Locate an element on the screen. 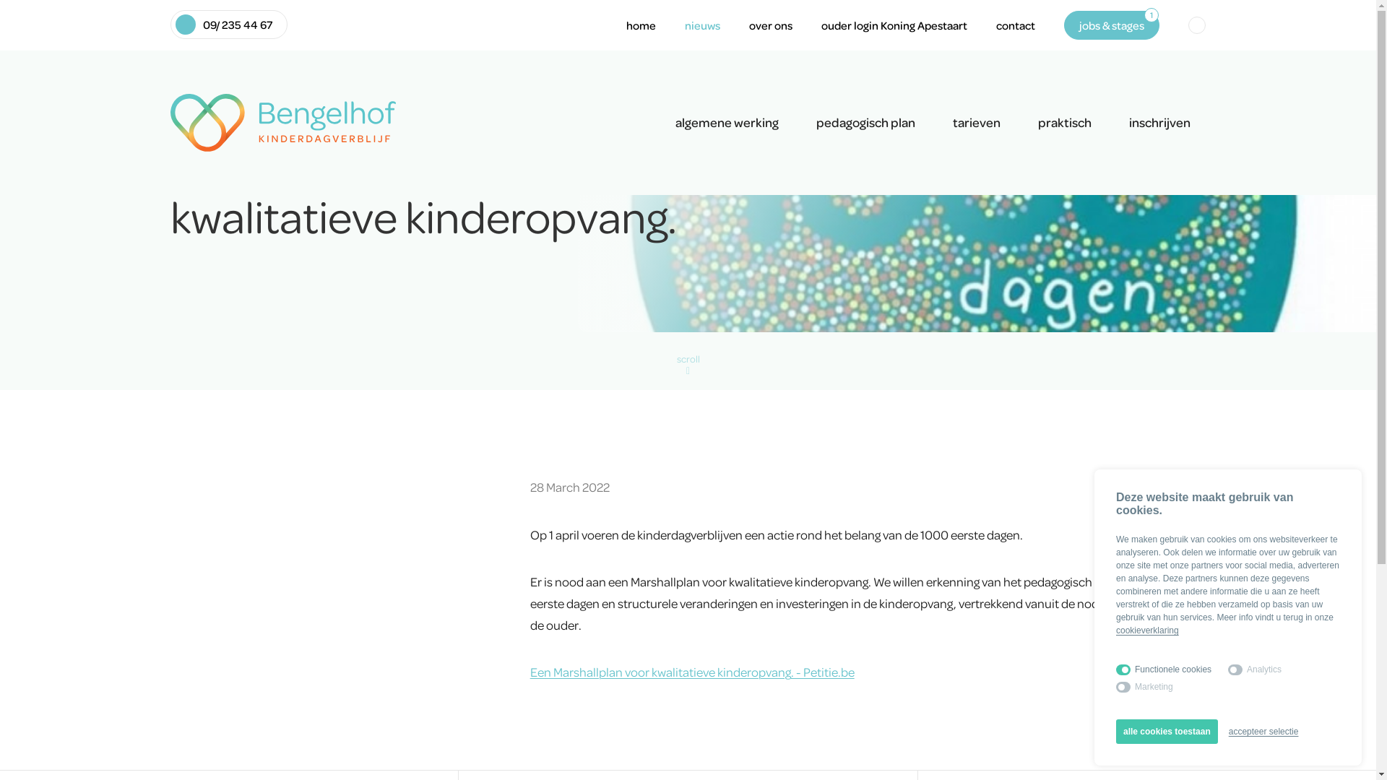 The width and height of the screenshot is (1387, 780). 'ouder login Koning Apestaart' is located at coordinates (894, 25).